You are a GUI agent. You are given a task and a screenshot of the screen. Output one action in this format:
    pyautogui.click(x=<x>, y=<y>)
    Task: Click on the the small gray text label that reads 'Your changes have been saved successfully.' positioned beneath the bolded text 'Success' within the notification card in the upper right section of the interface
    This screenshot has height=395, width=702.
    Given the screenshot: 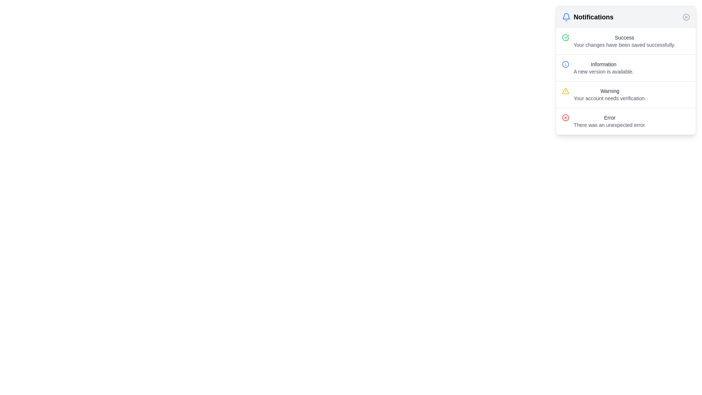 What is the action you would take?
    pyautogui.click(x=624, y=45)
    